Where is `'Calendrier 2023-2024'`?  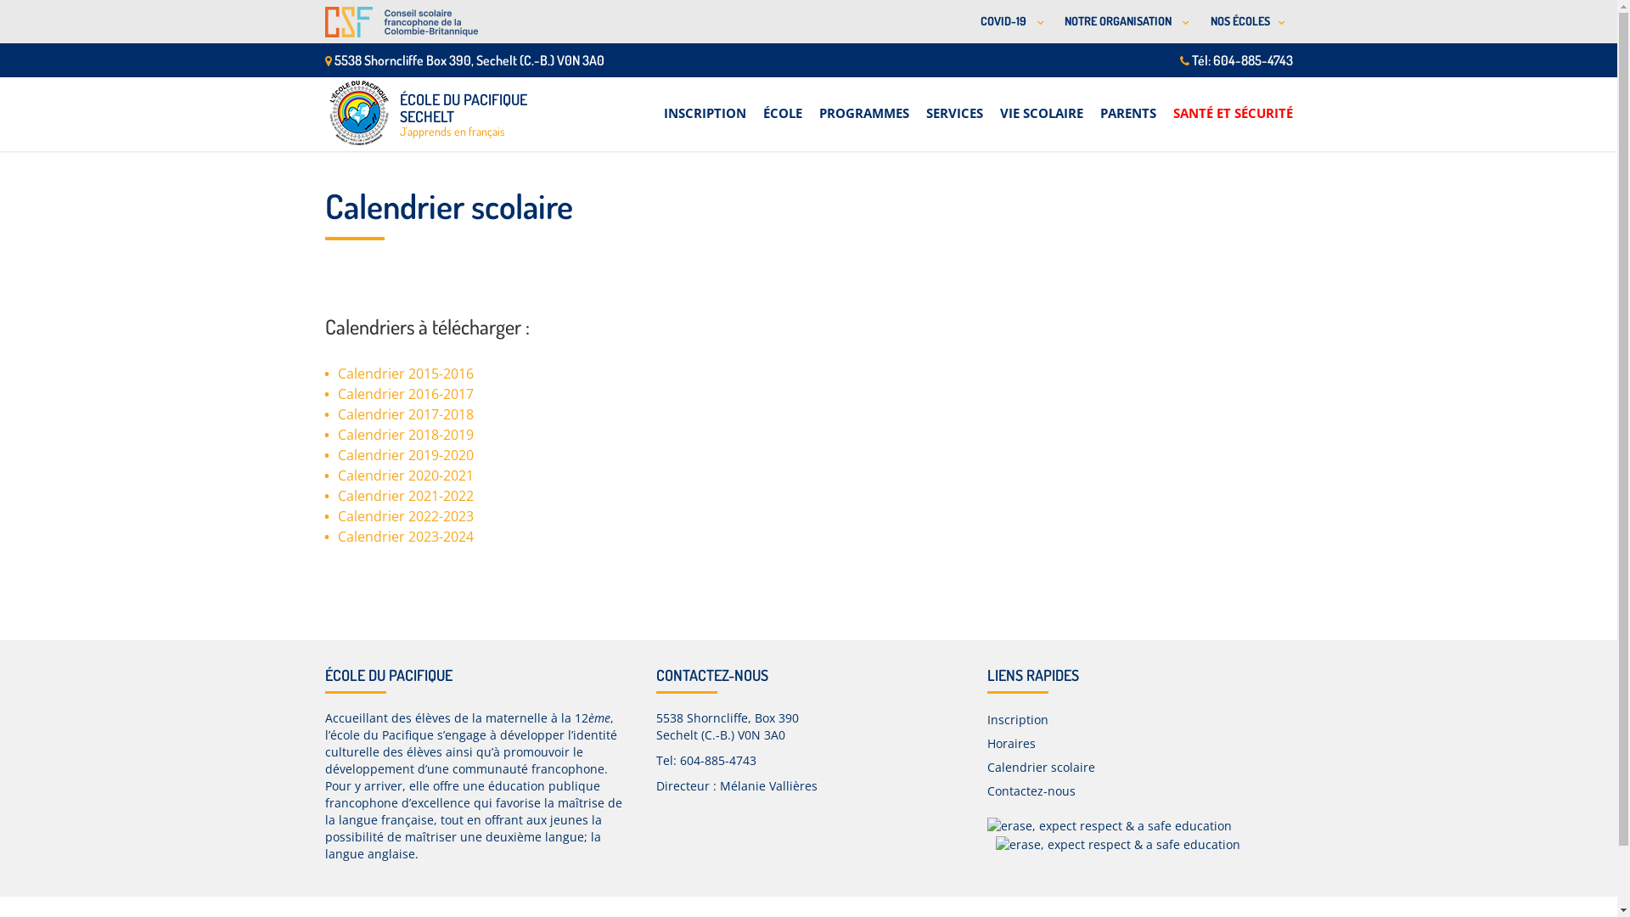 'Calendrier 2023-2024' is located at coordinates (338, 537).